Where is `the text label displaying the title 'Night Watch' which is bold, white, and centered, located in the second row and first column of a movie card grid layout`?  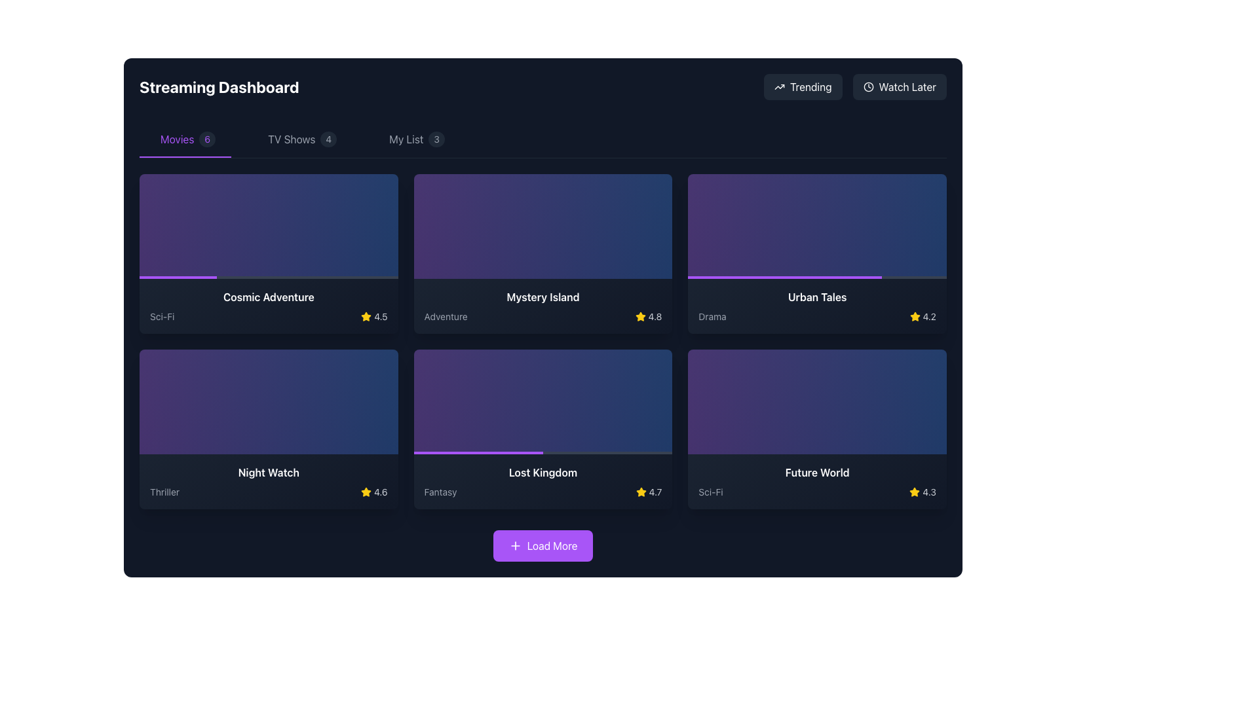
the text label displaying the title 'Night Watch' which is bold, white, and centered, located in the second row and first column of a movie card grid layout is located at coordinates (268, 472).